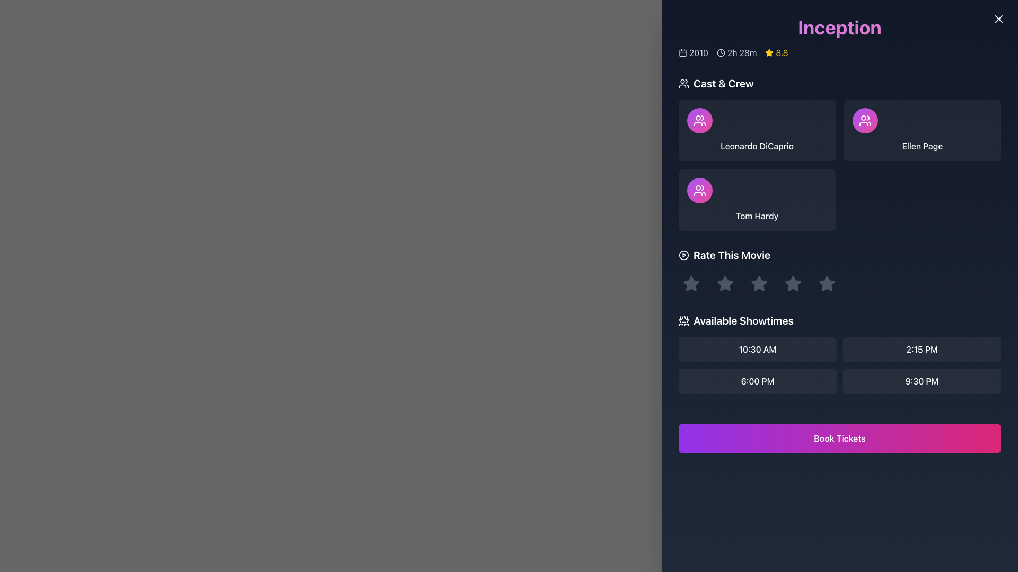  Describe the element at coordinates (998, 19) in the screenshot. I see `the close button located in the top-right corner of the interface` at that location.